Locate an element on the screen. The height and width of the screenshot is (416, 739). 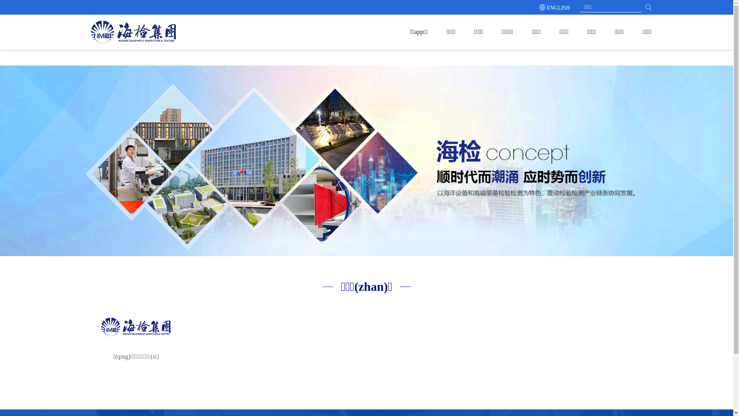
'ENGLISH' is located at coordinates (558, 7).